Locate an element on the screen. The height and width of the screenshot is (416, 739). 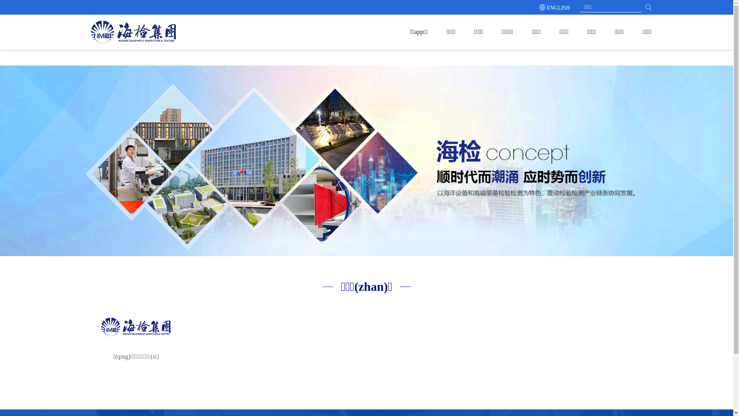
'ENGLISH' is located at coordinates (558, 7).